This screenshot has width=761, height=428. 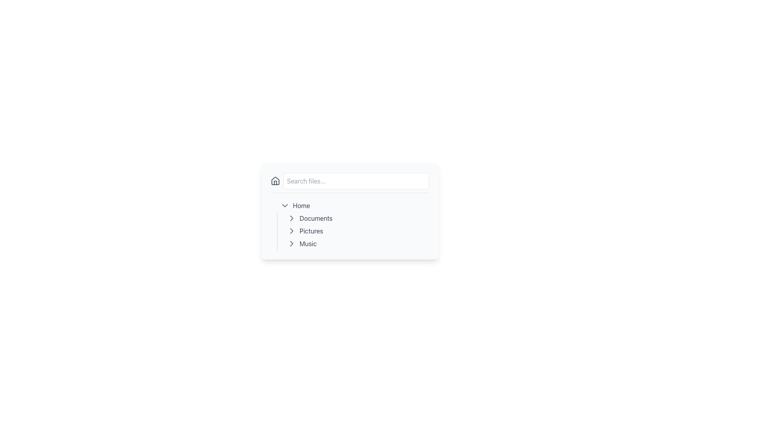 I want to click on the first Interactive List Item in the 'Home' section, so click(x=353, y=205).